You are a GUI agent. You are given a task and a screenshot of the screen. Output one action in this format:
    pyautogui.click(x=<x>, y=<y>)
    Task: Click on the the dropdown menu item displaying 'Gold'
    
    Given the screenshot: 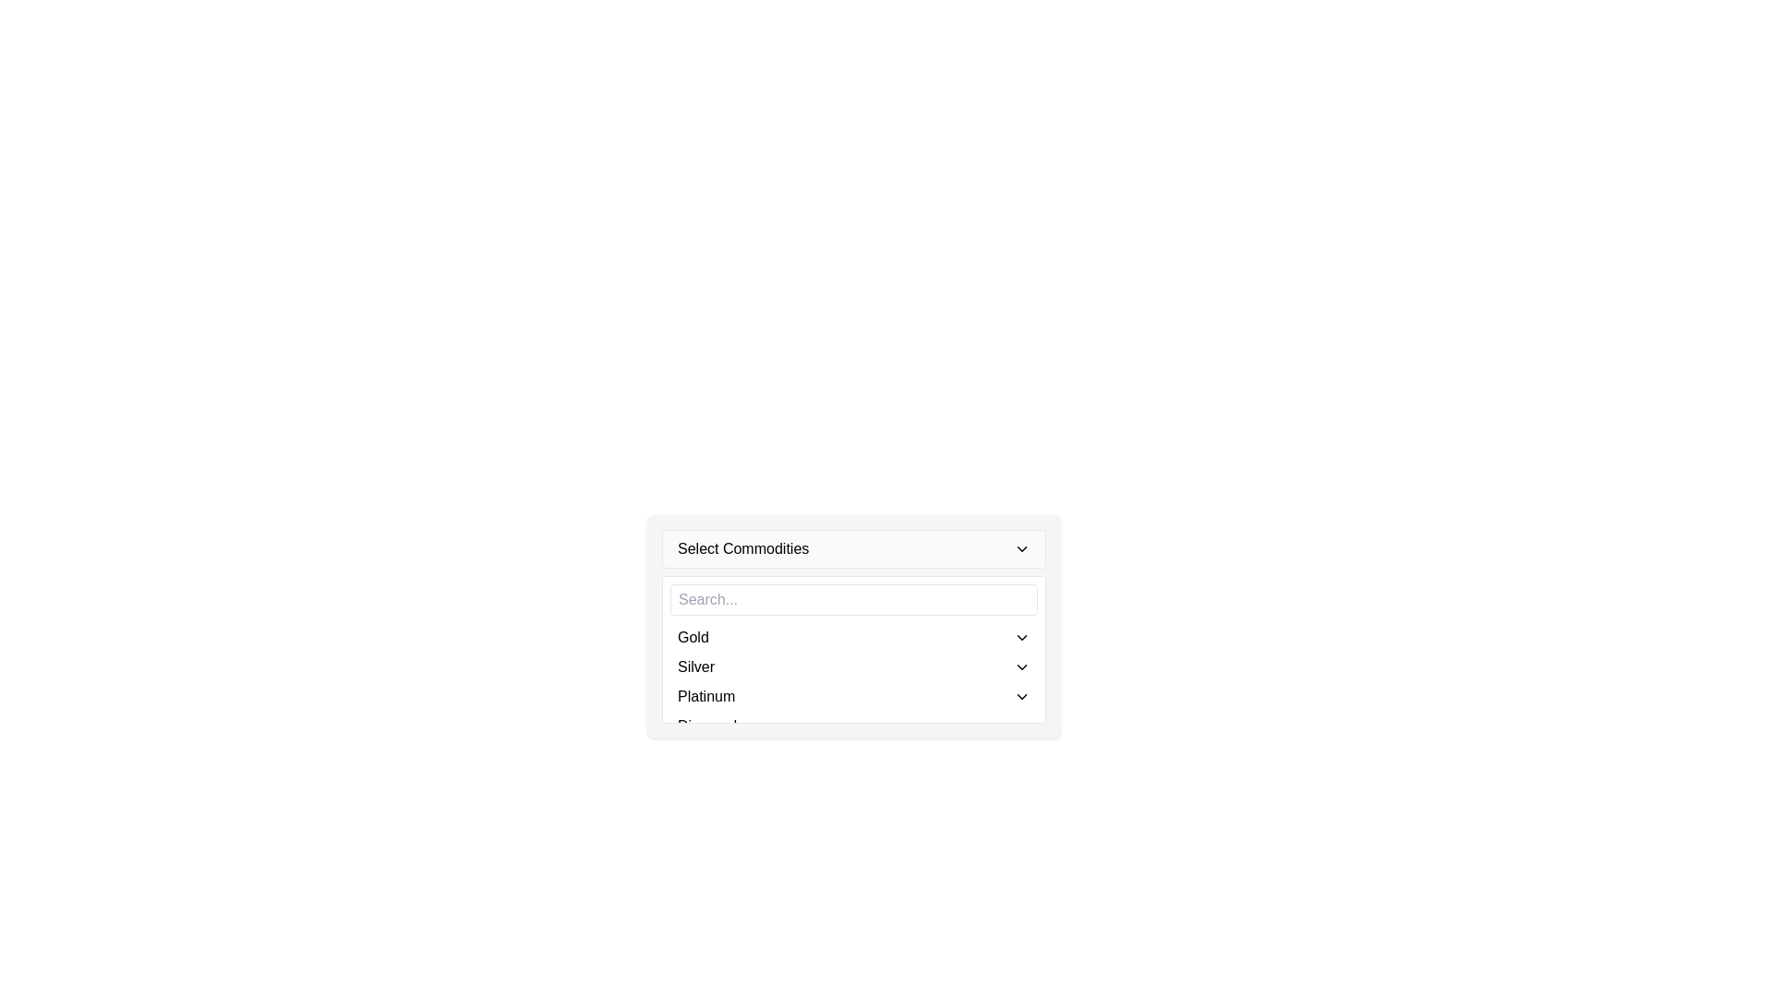 What is the action you would take?
    pyautogui.click(x=853, y=636)
    